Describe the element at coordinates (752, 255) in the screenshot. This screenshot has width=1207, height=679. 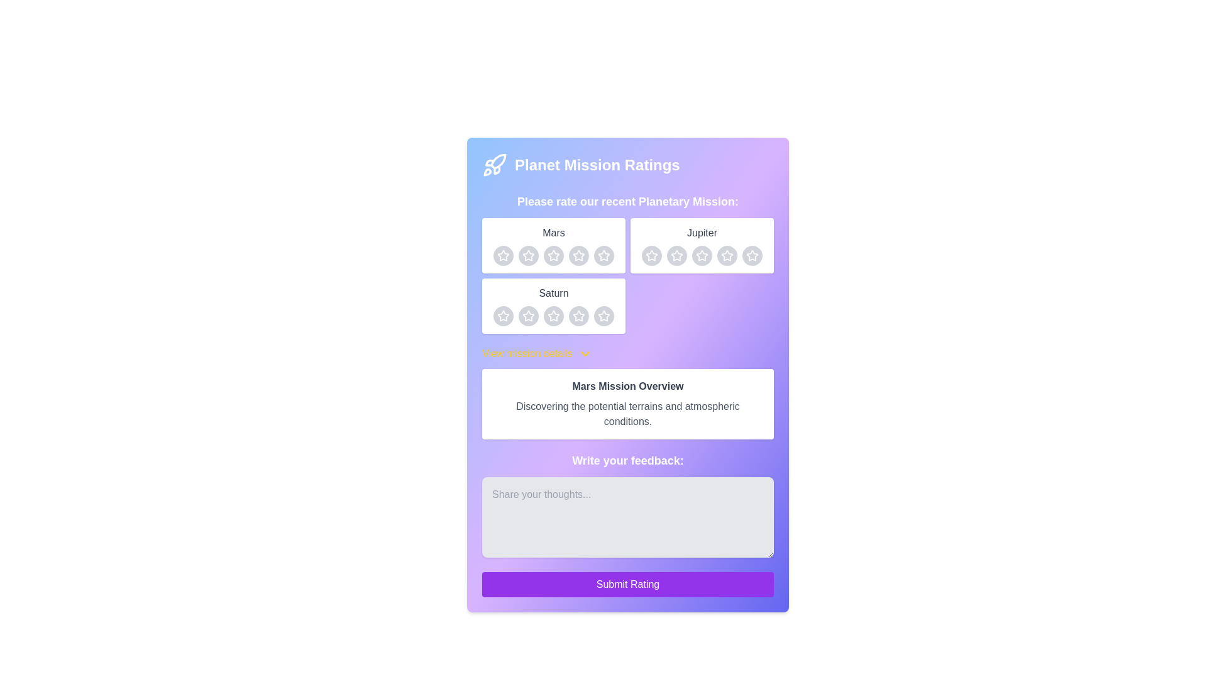
I see `the circular button in the fifth position of the star rating system under the Jupiter section for accessibility` at that location.